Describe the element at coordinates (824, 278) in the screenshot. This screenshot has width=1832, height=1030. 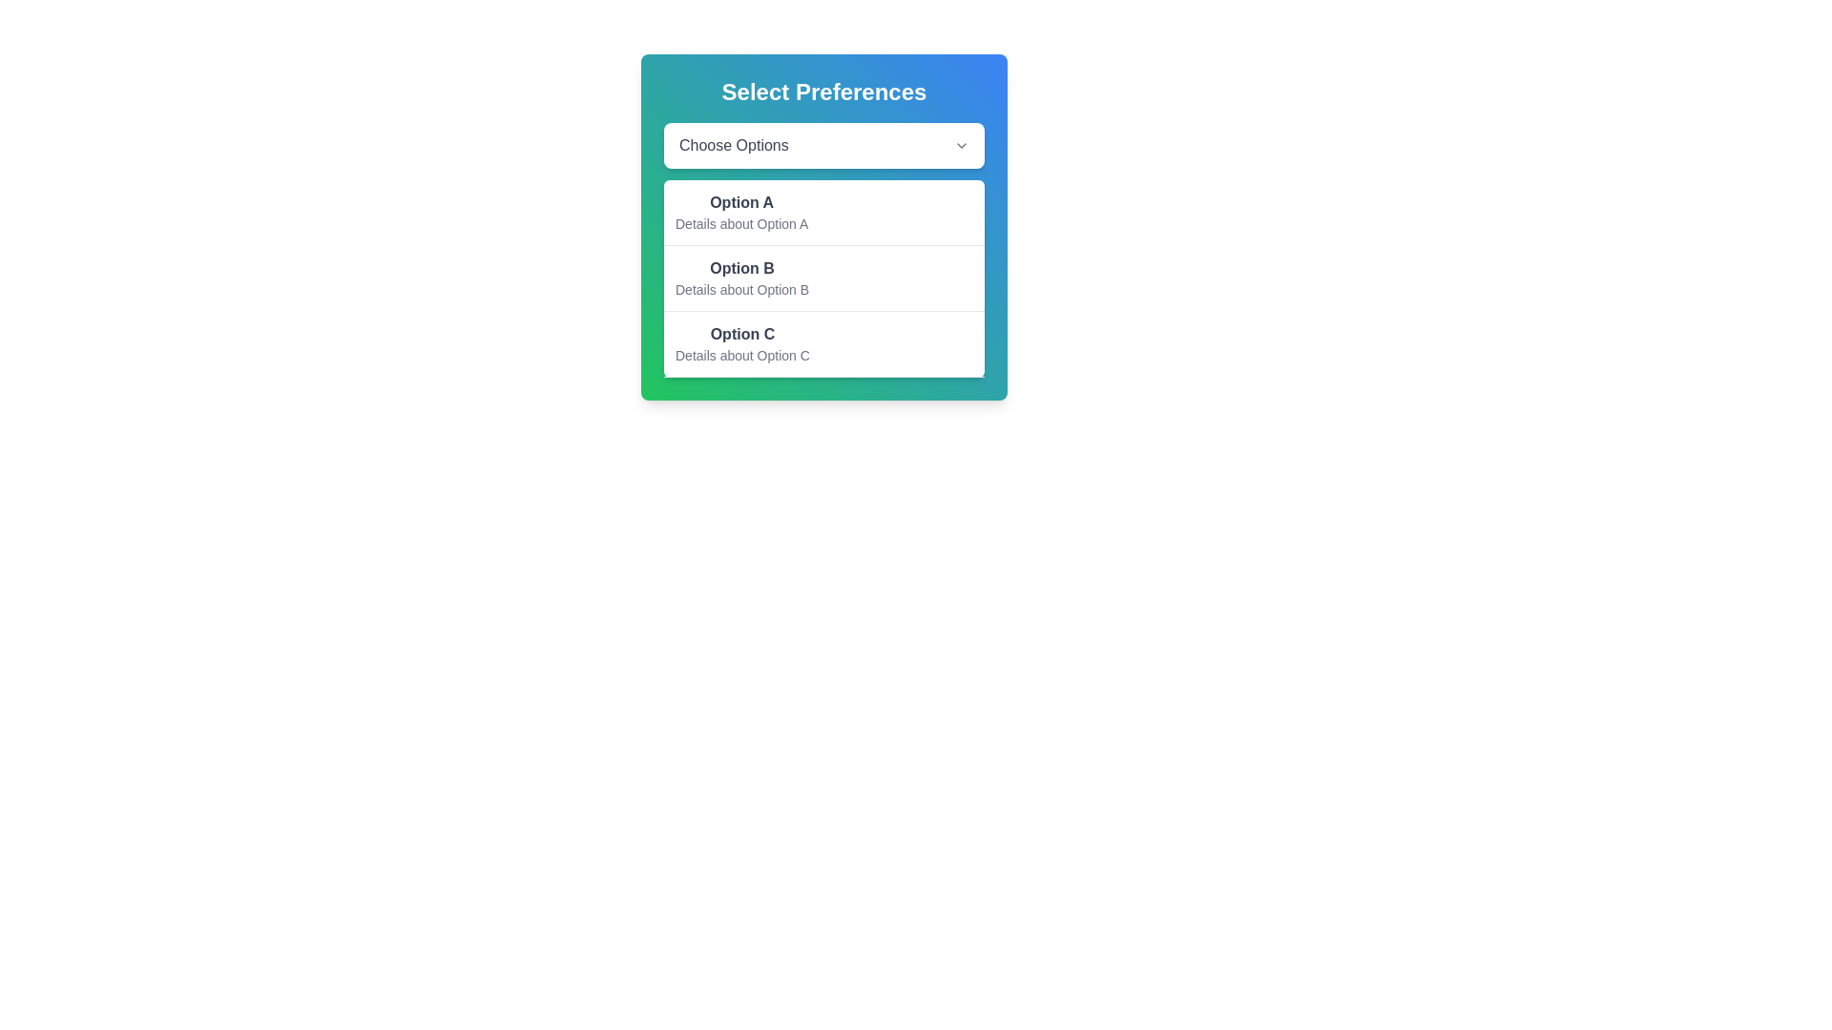
I see `the list item displaying 'Option B'` at that location.